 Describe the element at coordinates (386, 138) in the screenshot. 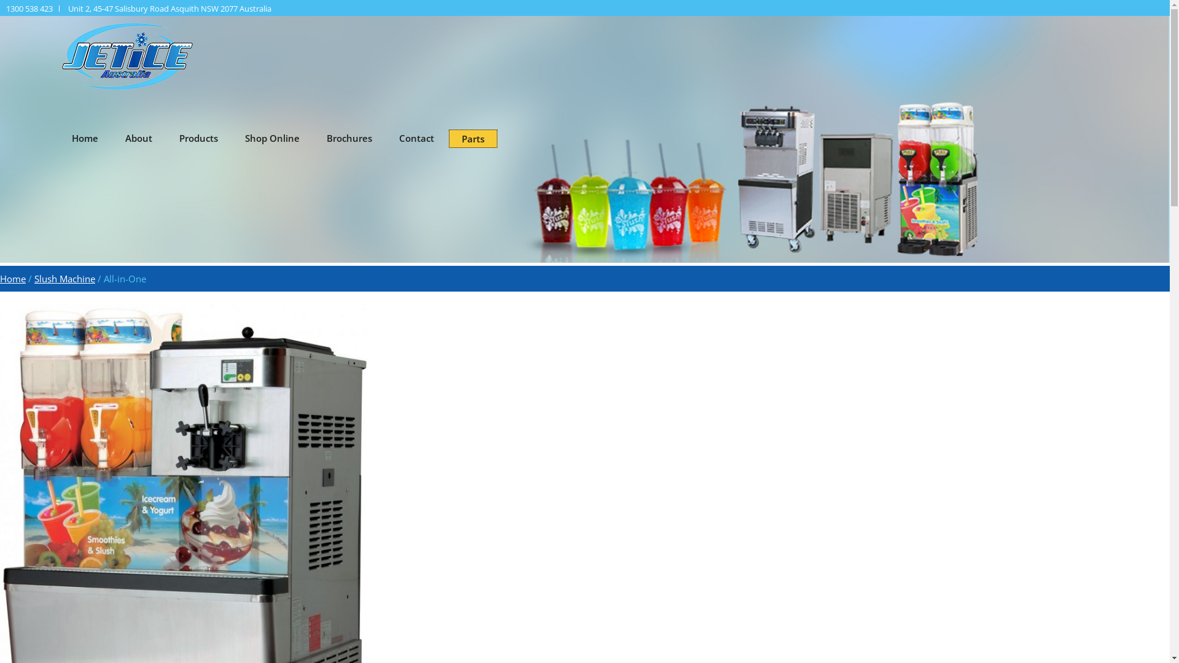

I see `'Contact'` at that location.